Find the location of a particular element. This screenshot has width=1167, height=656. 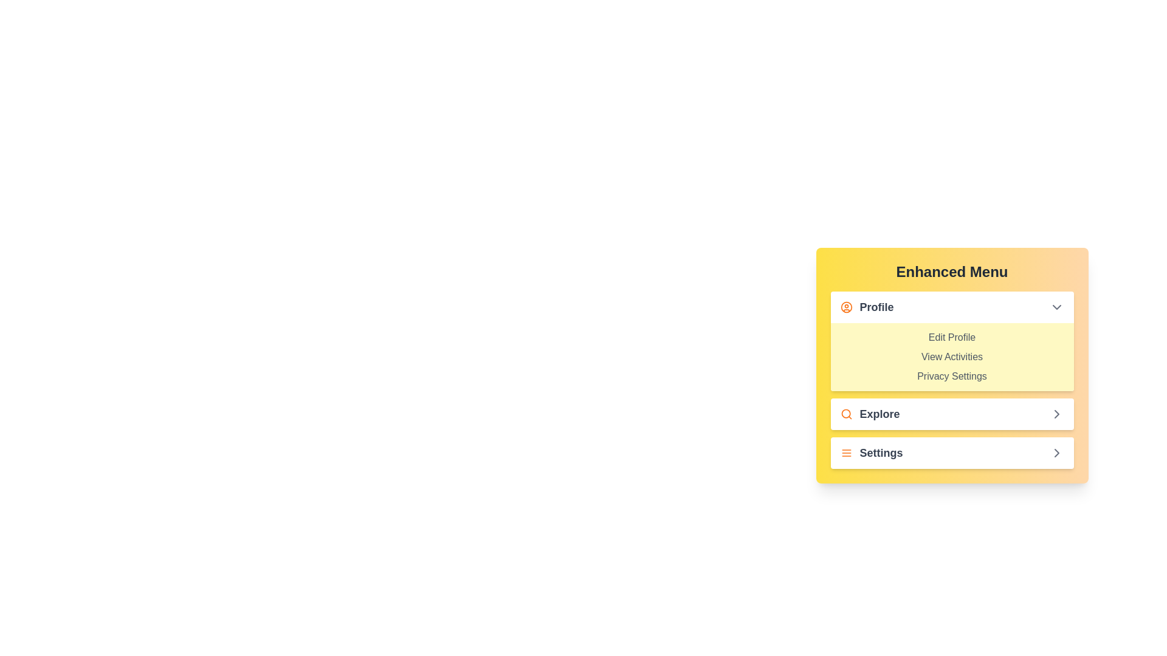

the 'Profile' text label, which is styled in bold dark gray and is located in the top section of the vertical menu next to an orange user icon, for navigation purposes is located at coordinates (876, 306).